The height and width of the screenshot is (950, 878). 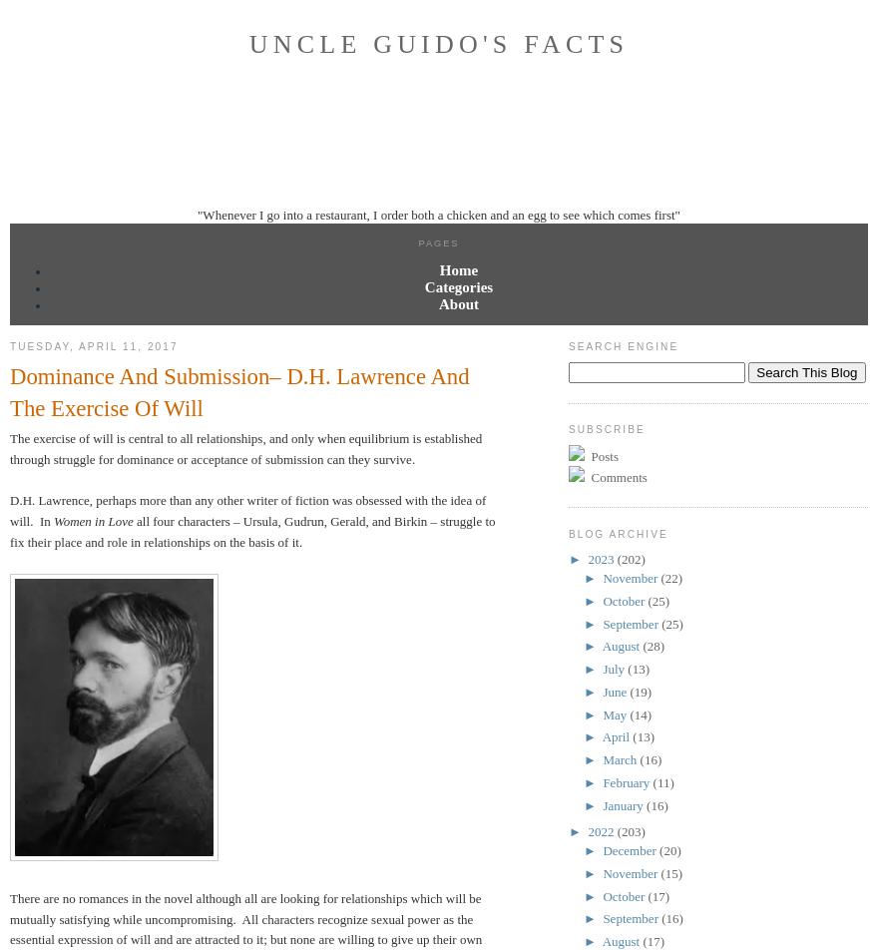 What do you see at coordinates (438, 304) in the screenshot?
I see `'About'` at bounding box center [438, 304].